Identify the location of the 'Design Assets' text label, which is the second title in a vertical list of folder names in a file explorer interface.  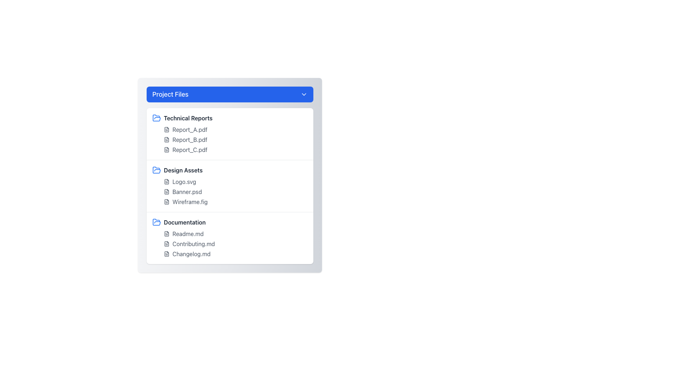
(183, 170).